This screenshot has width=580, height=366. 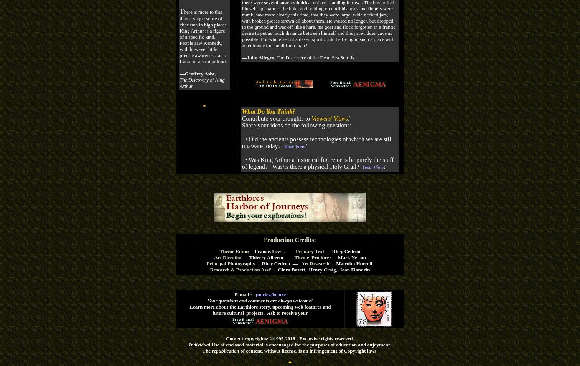 I want to click on 'Viewers' Views', so click(x=329, y=118).